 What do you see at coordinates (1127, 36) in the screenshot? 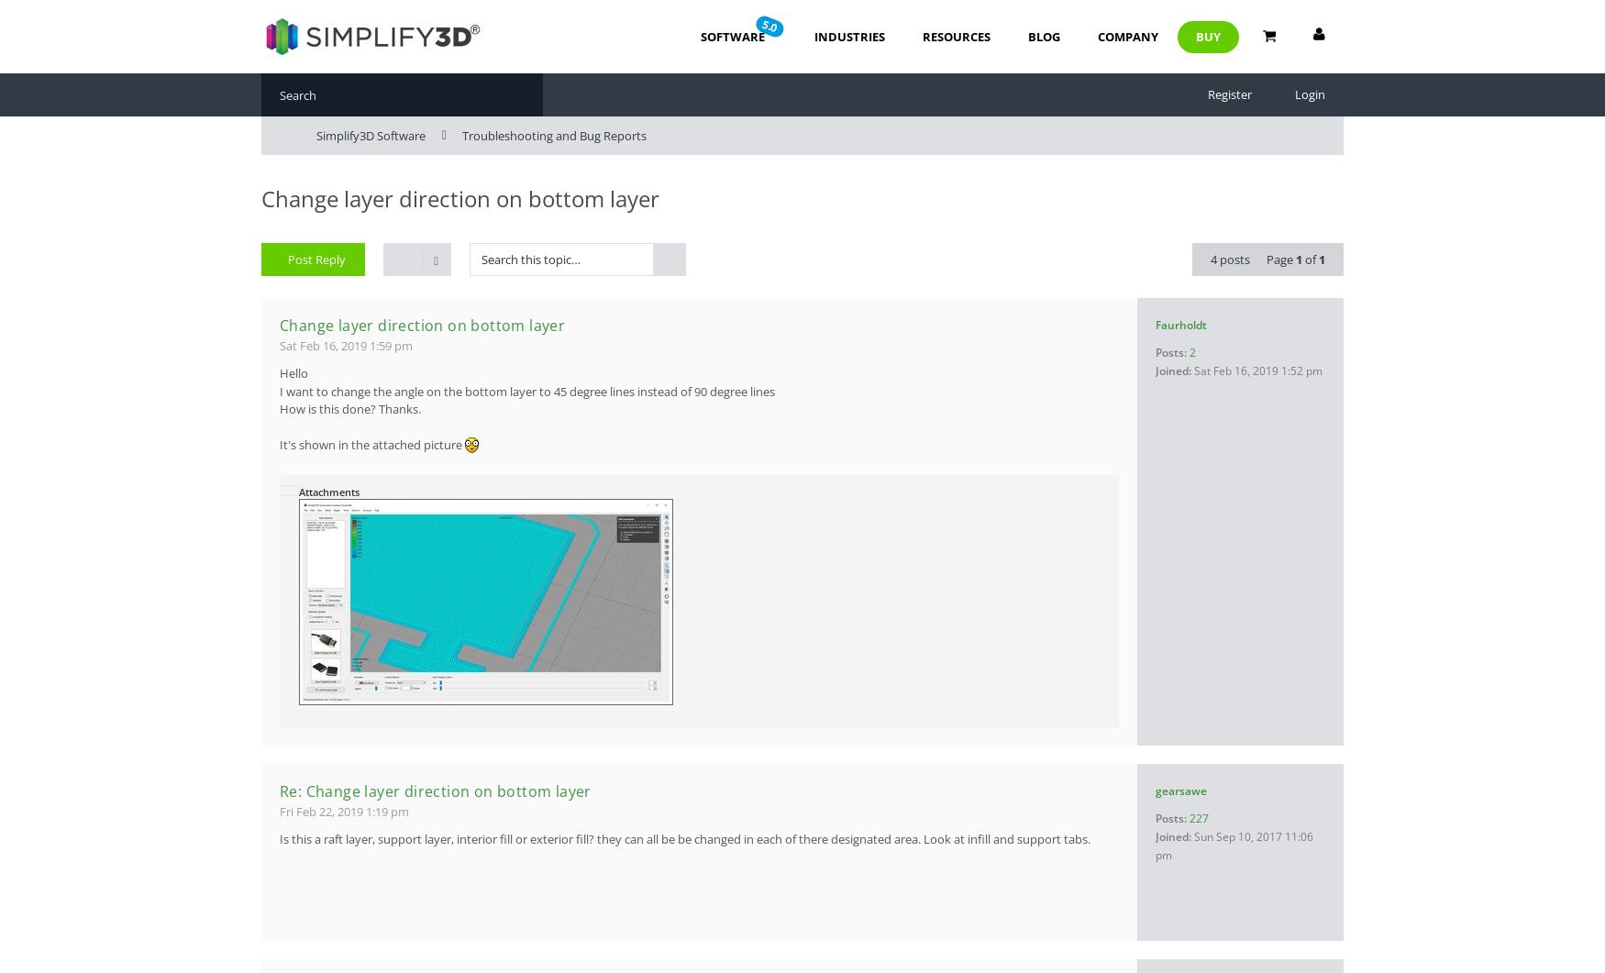
I see `'Company'` at bounding box center [1127, 36].